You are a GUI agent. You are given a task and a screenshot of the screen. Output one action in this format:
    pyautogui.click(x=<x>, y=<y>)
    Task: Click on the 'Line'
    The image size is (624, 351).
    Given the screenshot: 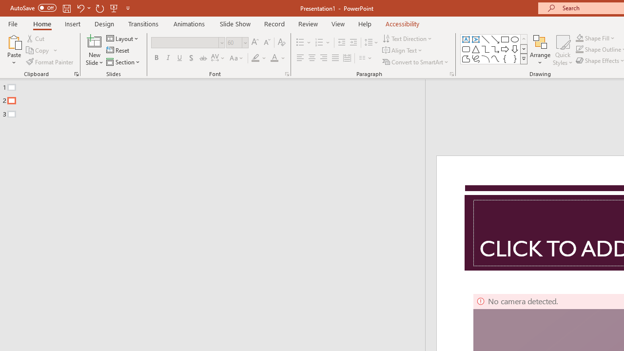 What is the action you would take?
    pyautogui.click(x=485, y=39)
    